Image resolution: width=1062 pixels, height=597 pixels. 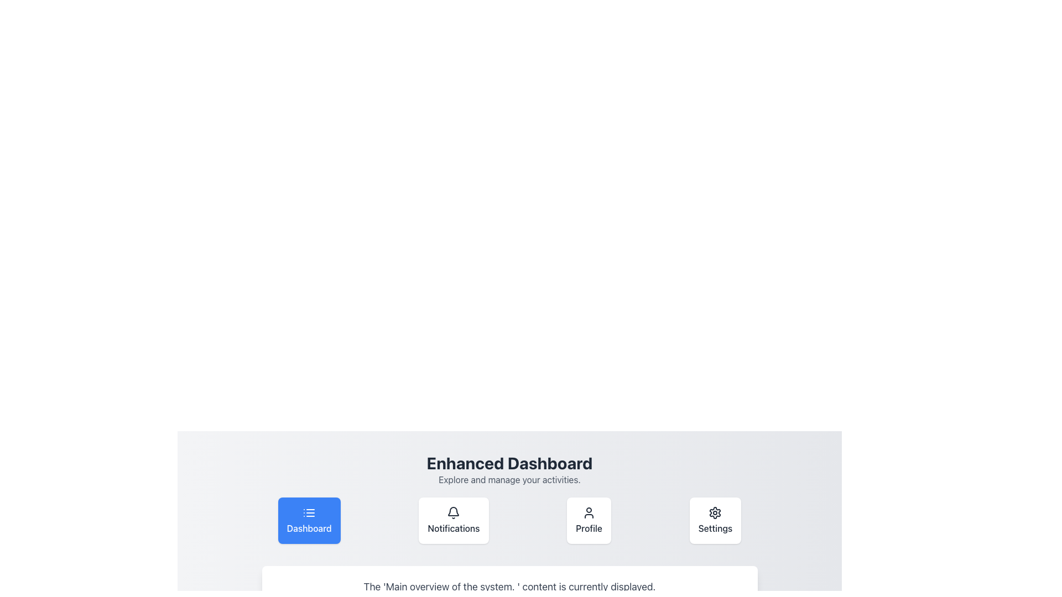 What do you see at coordinates (509, 469) in the screenshot?
I see `the text content of the header displaying 'Enhanced Dashboard' and 'Explore and manage your activities.'` at bounding box center [509, 469].